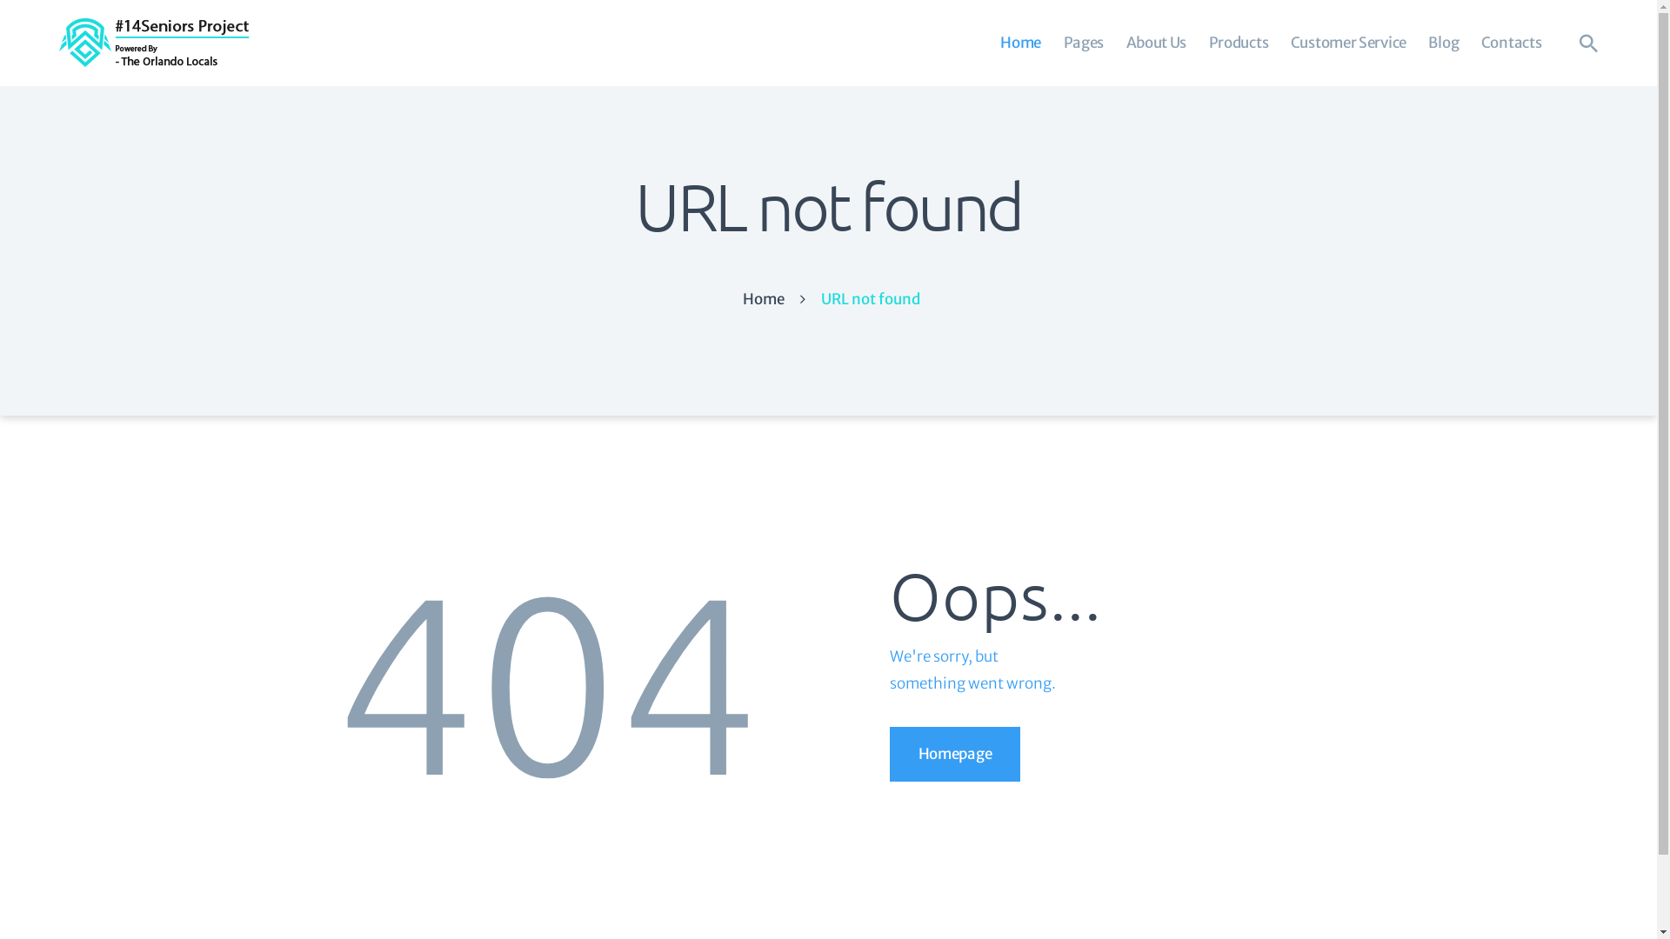  What do you see at coordinates (1051, 42) in the screenshot?
I see `'Pages'` at bounding box center [1051, 42].